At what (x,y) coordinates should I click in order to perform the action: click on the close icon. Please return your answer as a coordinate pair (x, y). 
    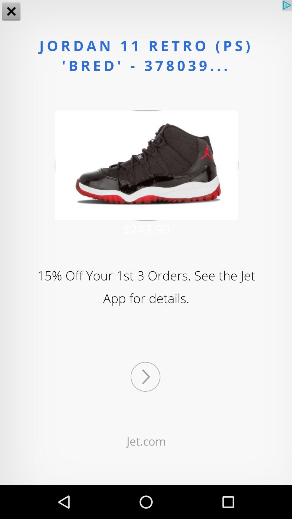
    Looking at the image, I should click on (11, 11).